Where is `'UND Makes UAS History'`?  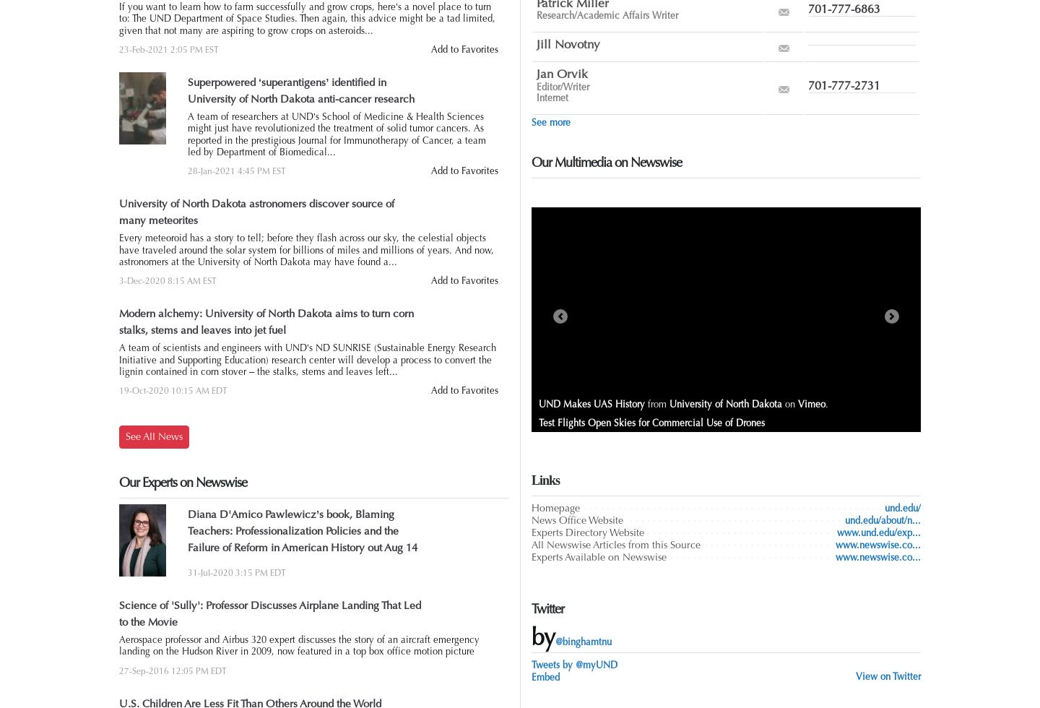 'UND Makes UAS History' is located at coordinates (538, 404).